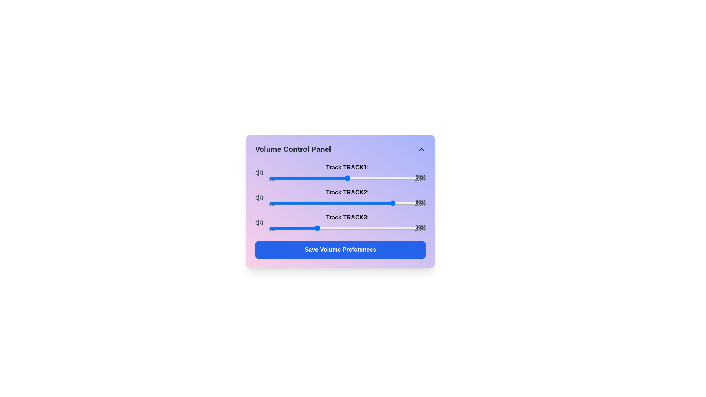 Image resolution: width=706 pixels, height=397 pixels. I want to click on 'Save Volume Preferences' button located at the bottom of the 'Volume Control Panel' section, beneath the volume sliders for three tracks, so click(340, 249).